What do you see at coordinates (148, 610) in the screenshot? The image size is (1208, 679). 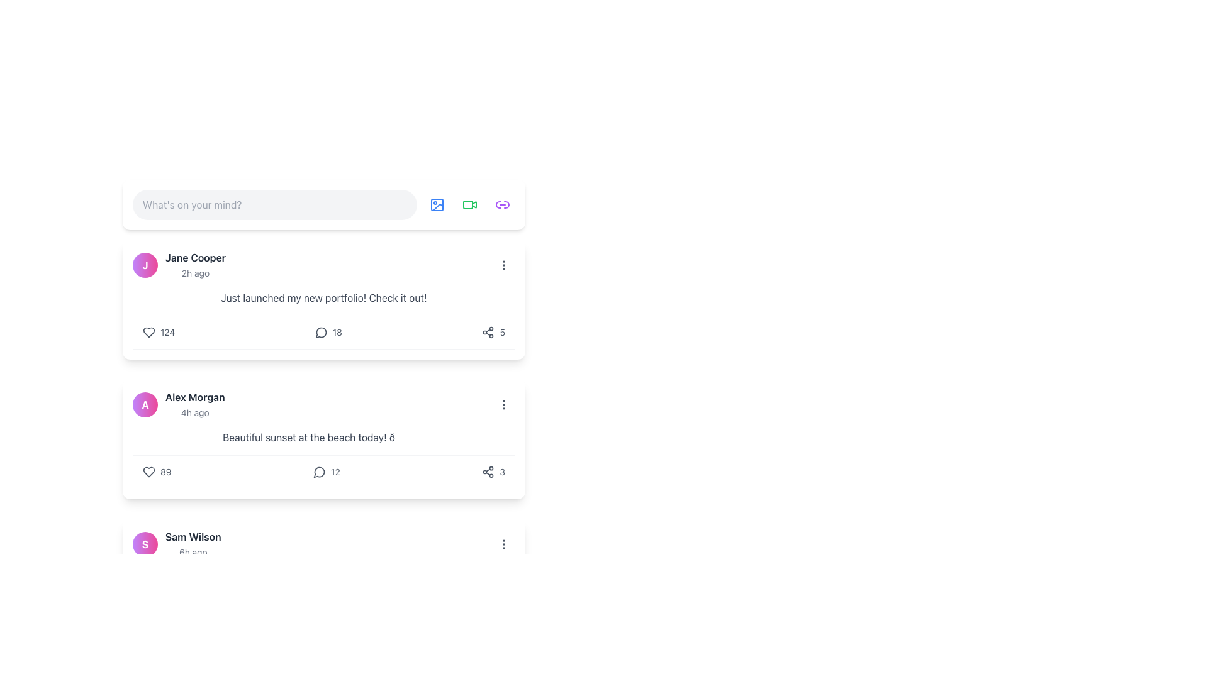 I see `the heart-shaped like button, which is gray and outlined, located at the bottom of a social media post, to the left of the count '156'` at bounding box center [148, 610].